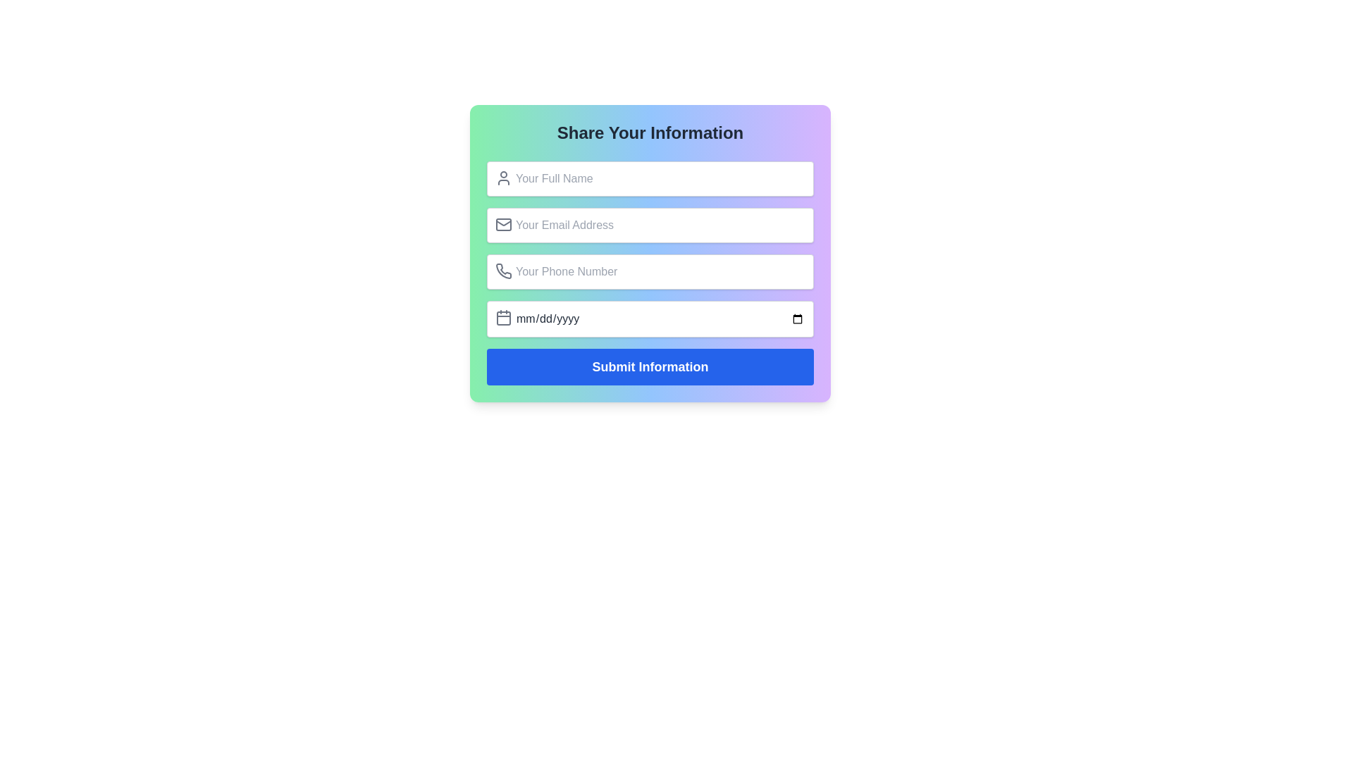  I want to click on rounded-corner square decorative component located at the center of the calendar icon, which features a gray outline with two vertical marks at the top, so click(504, 318).